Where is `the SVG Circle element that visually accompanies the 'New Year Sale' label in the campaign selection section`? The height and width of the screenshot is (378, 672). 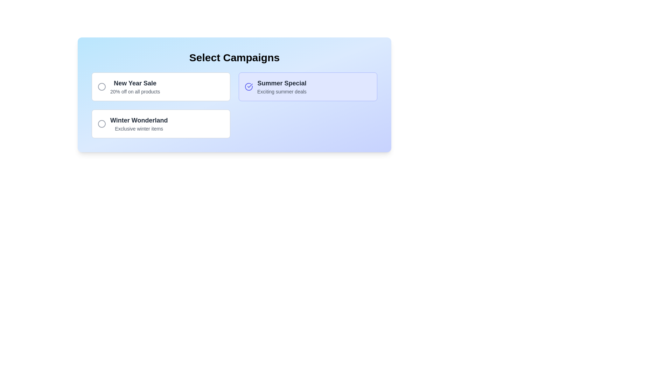 the SVG Circle element that visually accompanies the 'New Year Sale' label in the campaign selection section is located at coordinates (101, 86).